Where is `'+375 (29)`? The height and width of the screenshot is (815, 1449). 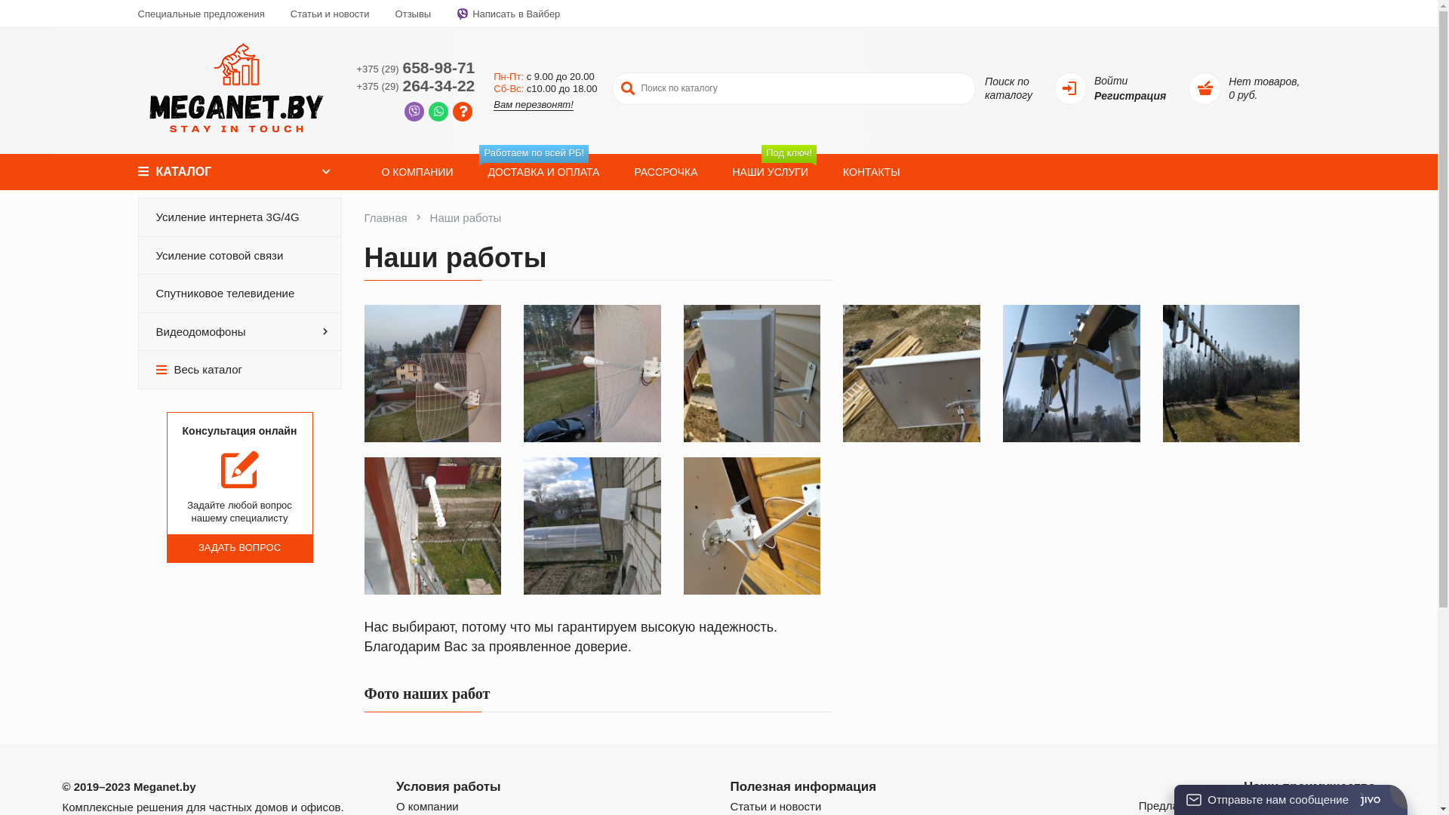 '+375 (29) is located at coordinates (415, 85).